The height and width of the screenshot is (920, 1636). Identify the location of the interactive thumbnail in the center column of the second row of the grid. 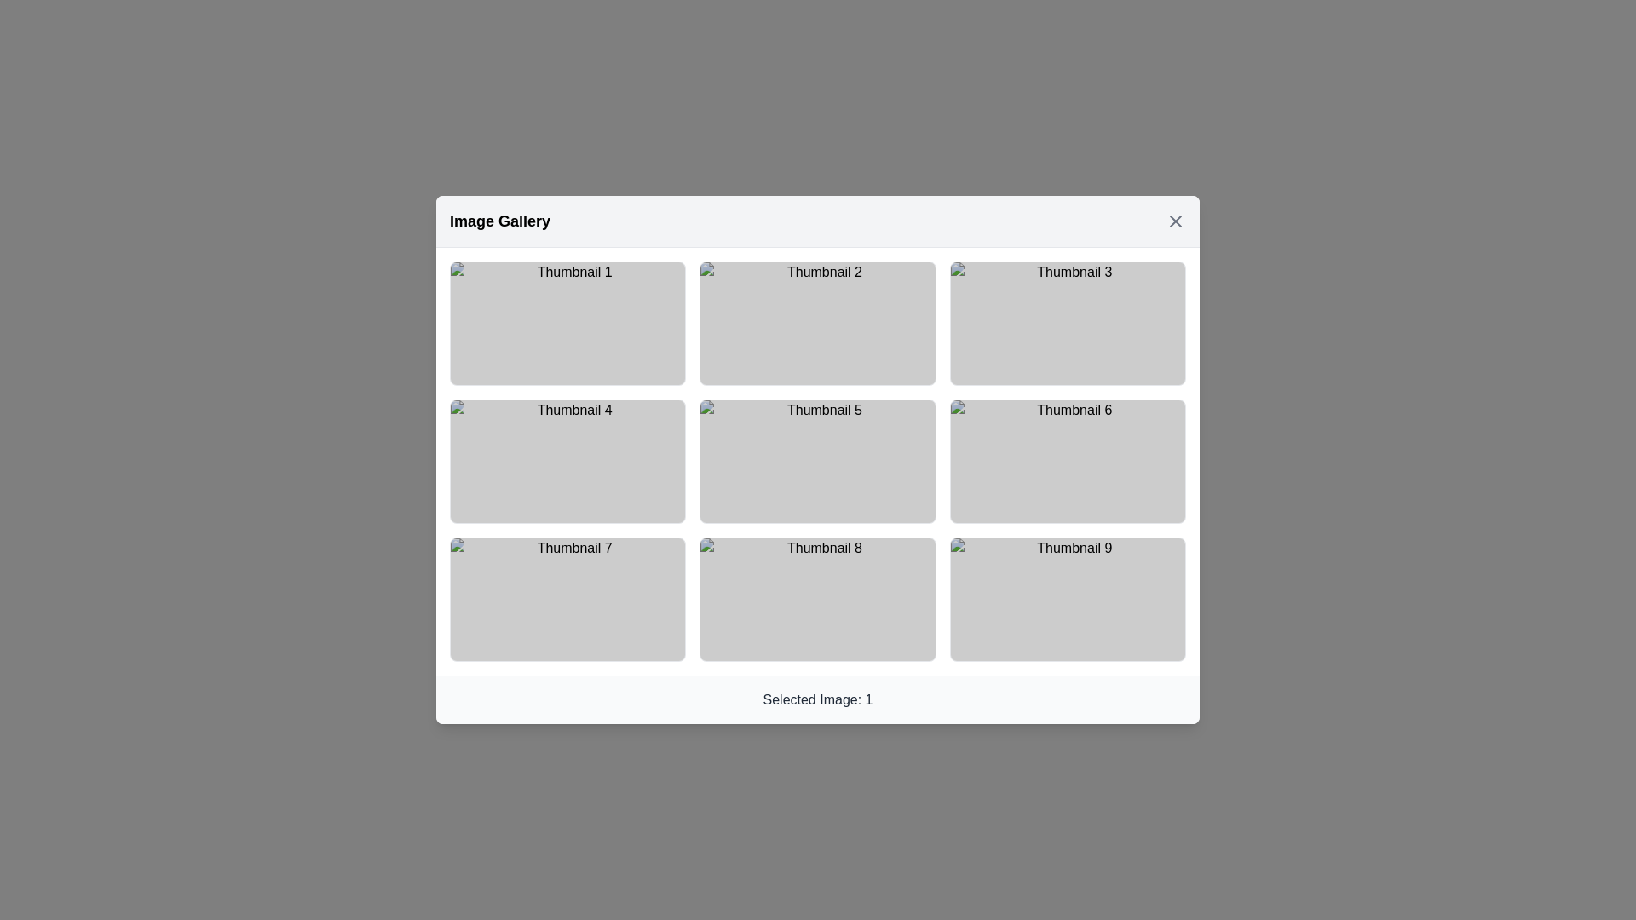
(818, 462).